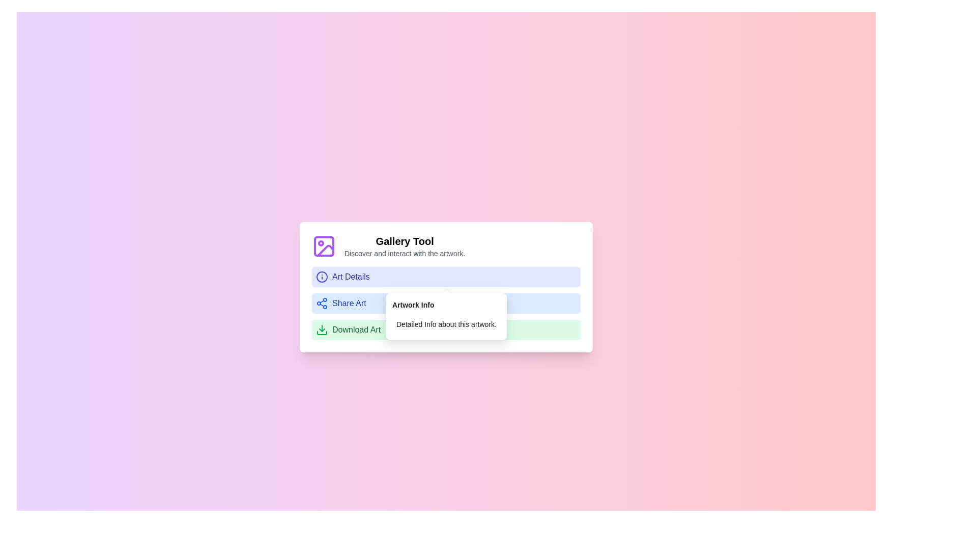 This screenshot has width=977, height=550. I want to click on the green 'Download Art' button that contains the download icon for initiating the download action, so click(322, 330).